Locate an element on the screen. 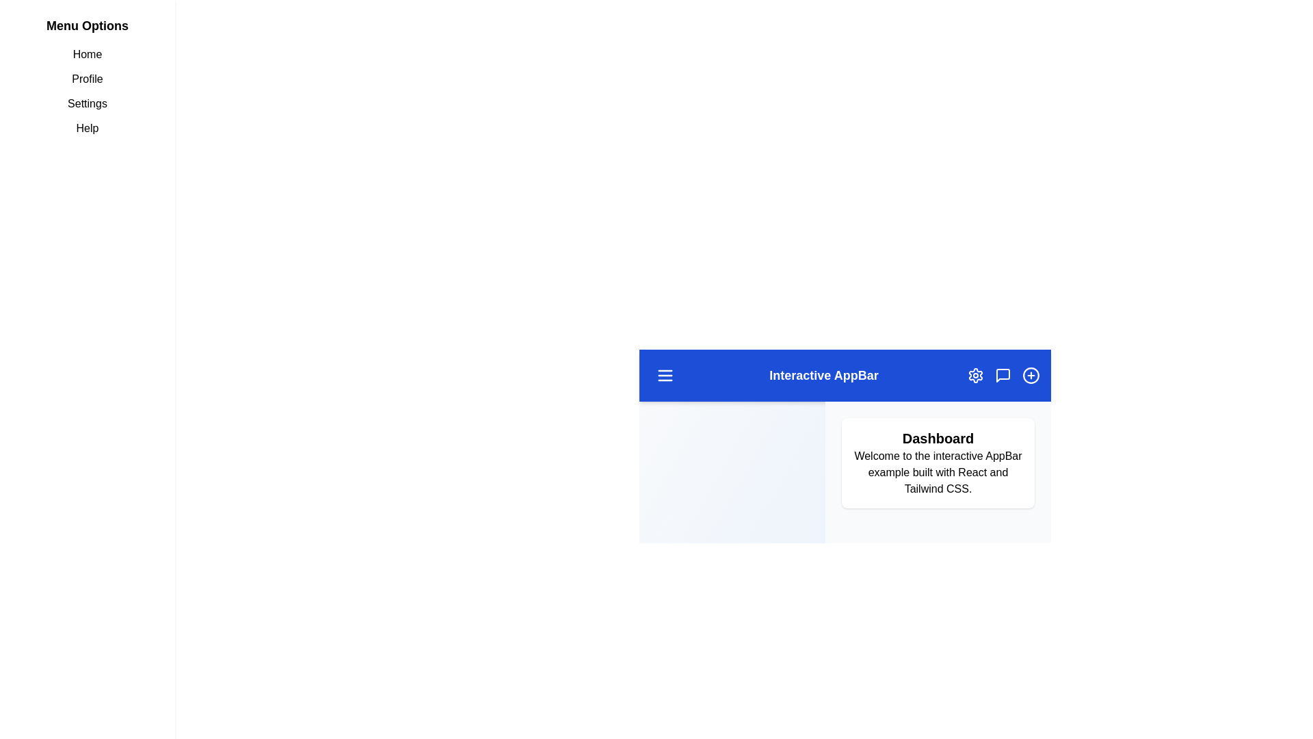  the 'MessageSquare' icon in the AppBar is located at coordinates (1003, 375).